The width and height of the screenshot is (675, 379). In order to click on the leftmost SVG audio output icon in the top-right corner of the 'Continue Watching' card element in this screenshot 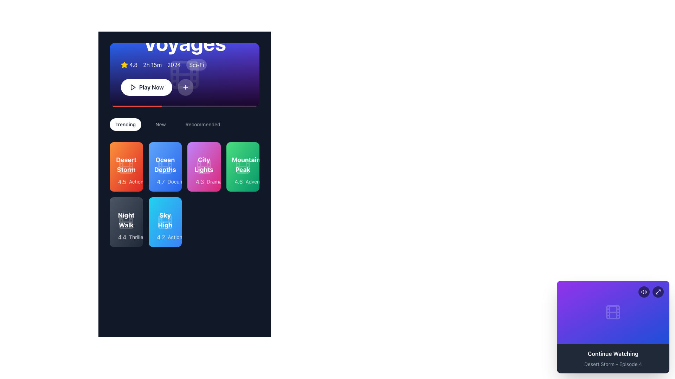, I will do `click(643, 292)`.